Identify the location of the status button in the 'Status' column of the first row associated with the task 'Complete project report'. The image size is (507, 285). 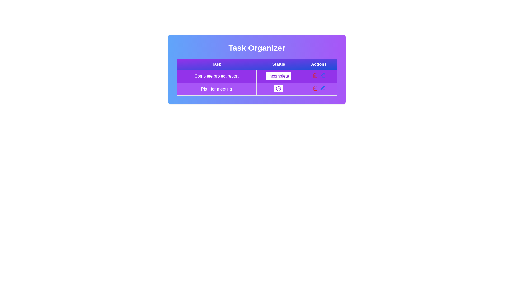
(278, 76).